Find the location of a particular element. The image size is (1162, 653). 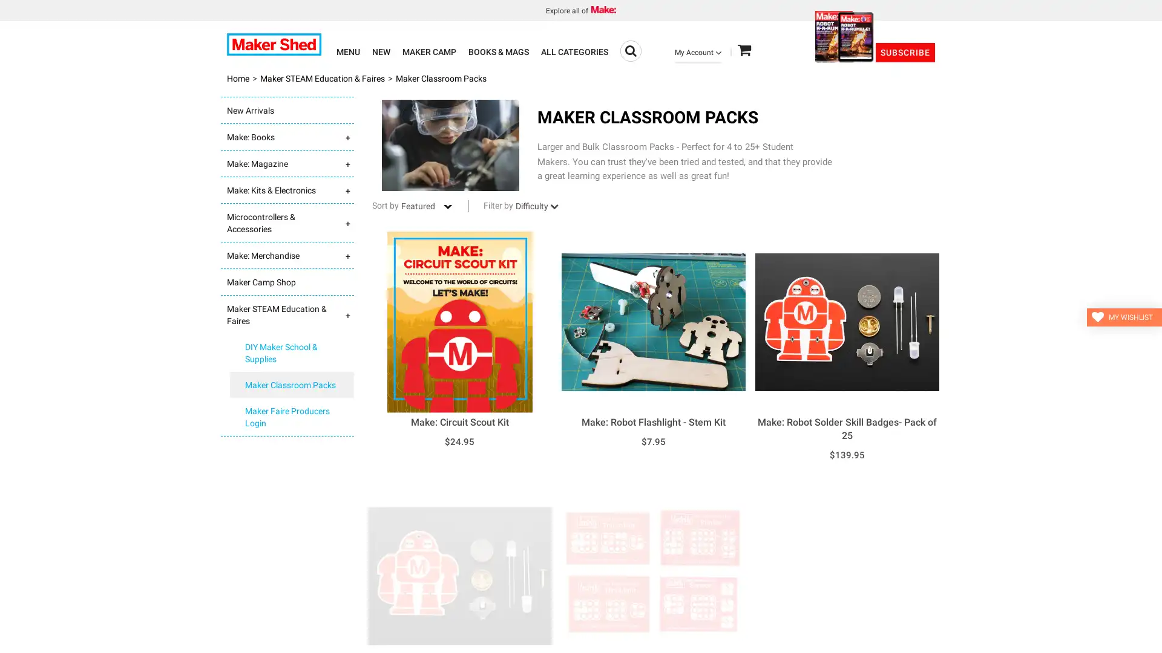

Featured is located at coordinates (426, 205).